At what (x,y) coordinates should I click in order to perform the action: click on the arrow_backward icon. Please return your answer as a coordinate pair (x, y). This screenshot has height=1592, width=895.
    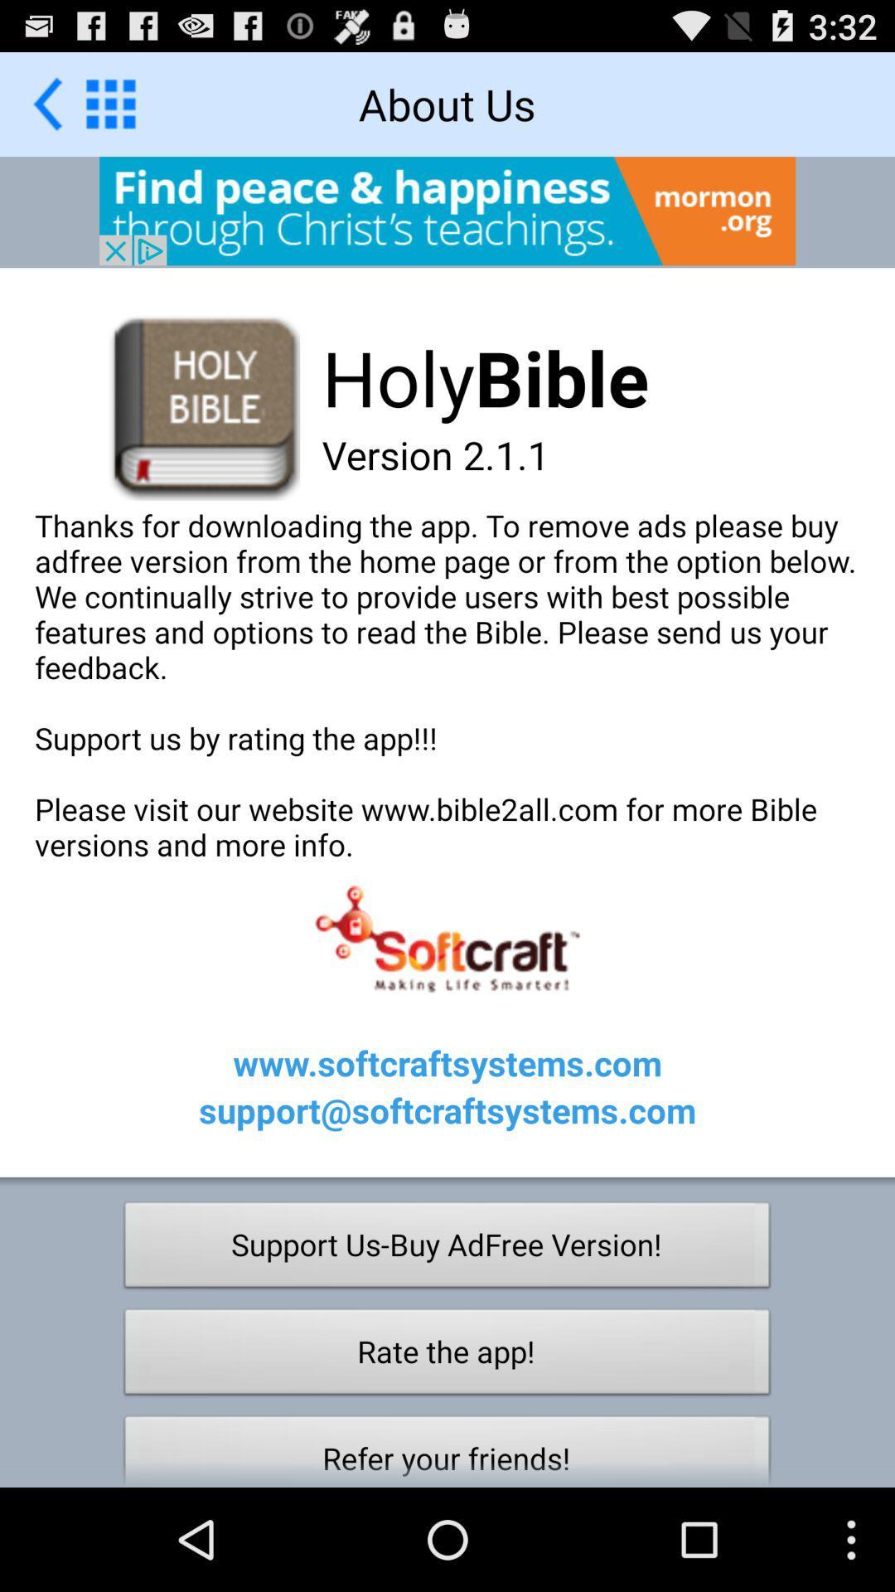
    Looking at the image, I should click on (46, 110).